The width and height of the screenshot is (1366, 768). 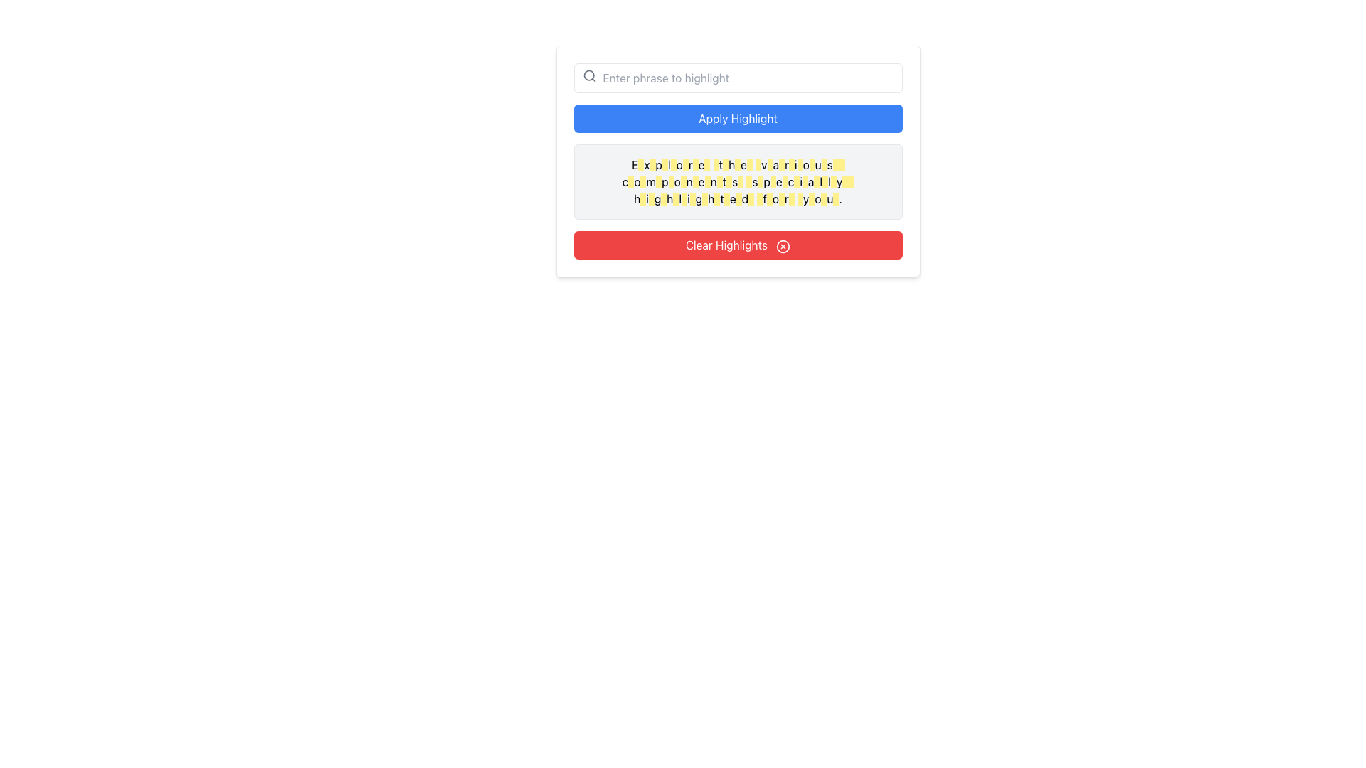 I want to click on the 13th small square yellow-highlighted area within the paragraph displaying 'Explore the various components specially highlighted for you.', so click(x=759, y=199).